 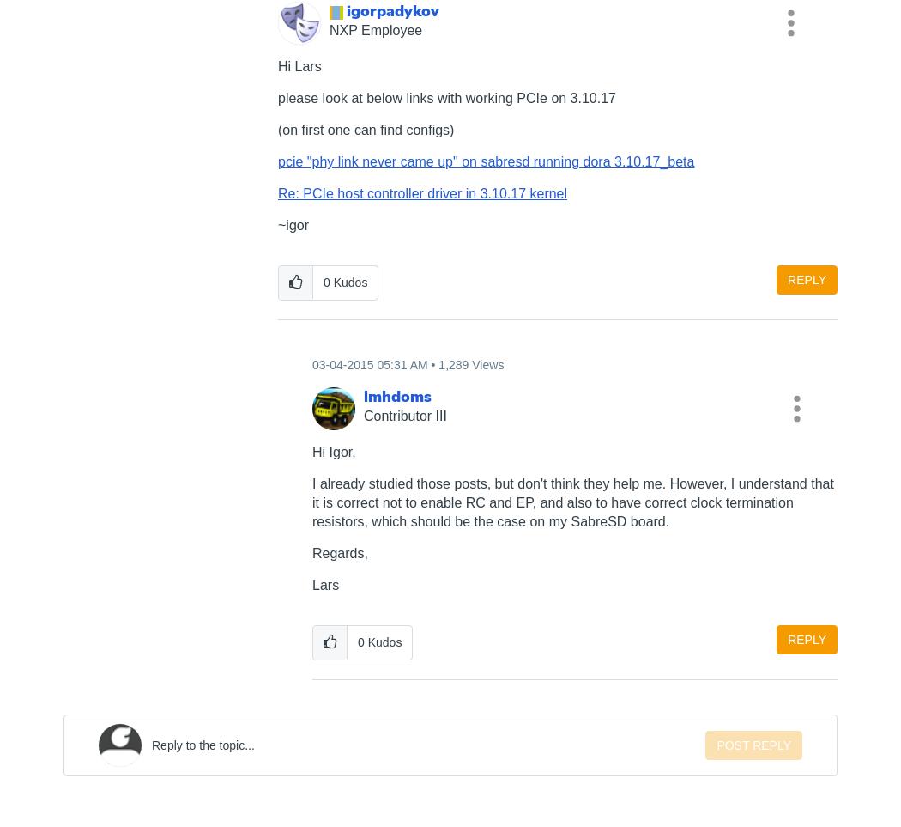 I want to click on 'Hi Lars', so click(x=299, y=66).